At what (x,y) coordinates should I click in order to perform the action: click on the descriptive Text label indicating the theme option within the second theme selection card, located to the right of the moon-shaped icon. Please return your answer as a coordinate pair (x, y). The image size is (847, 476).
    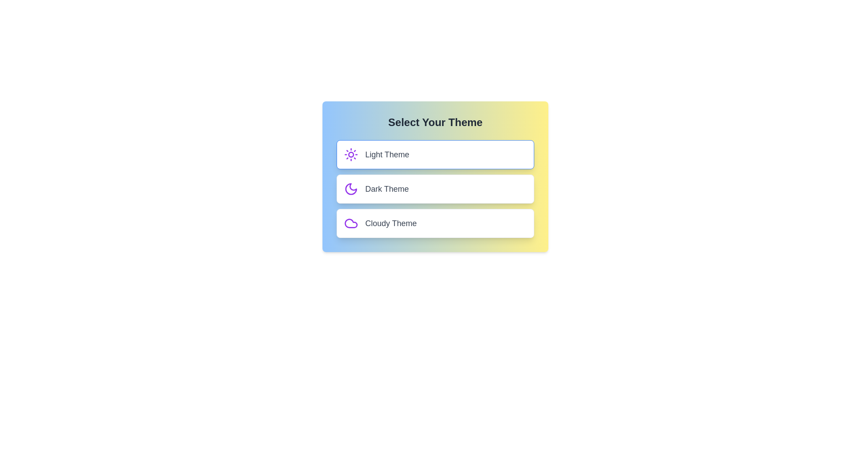
    Looking at the image, I should click on (387, 188).